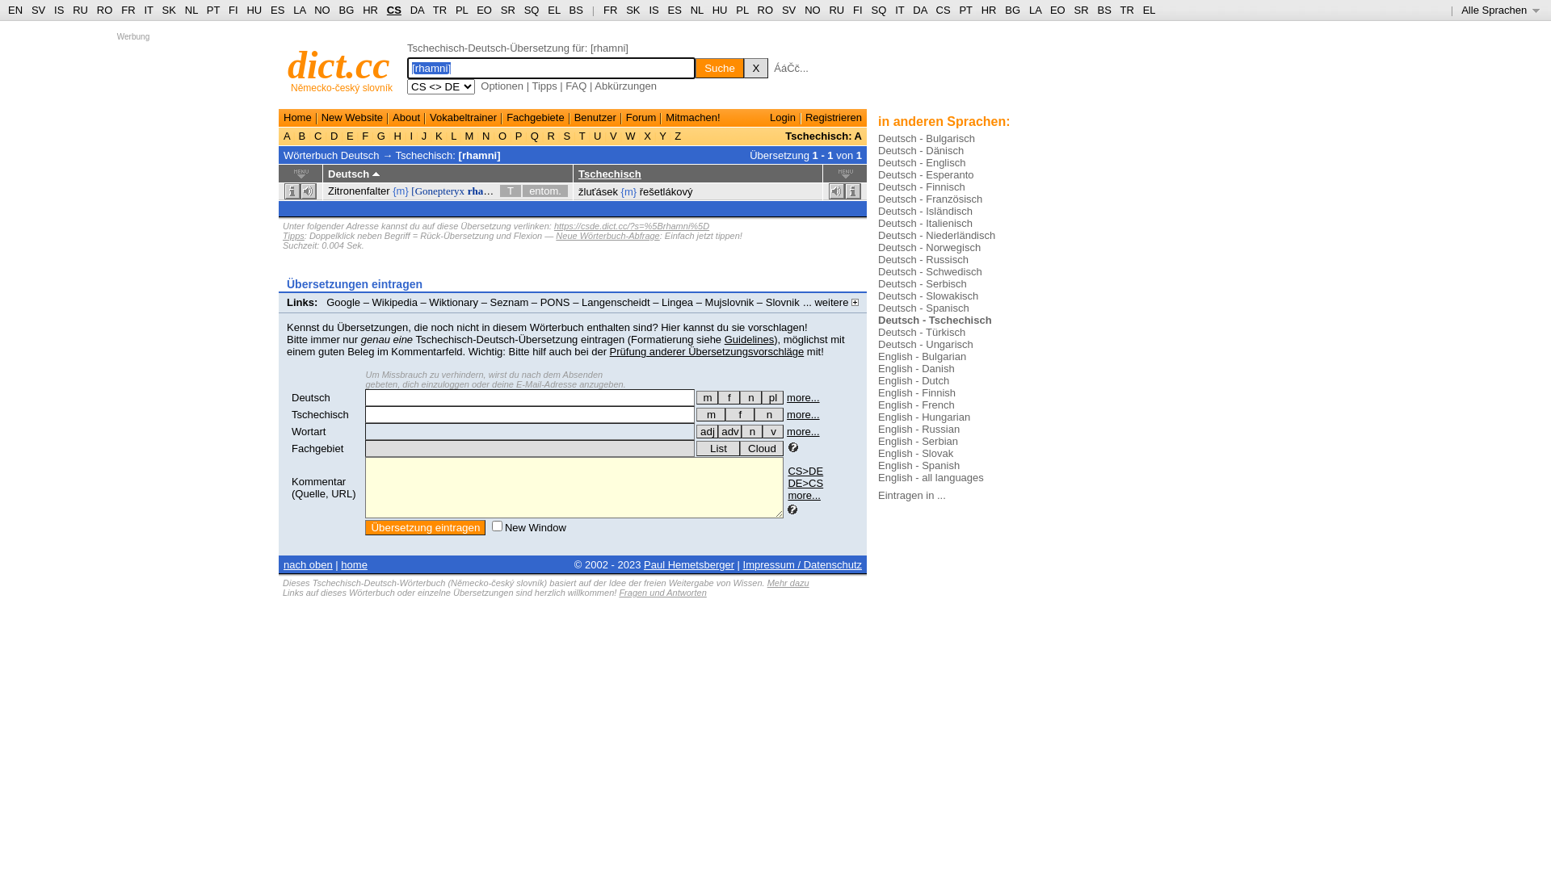  I want to click on 'Zitronenfalter', so click(358, 190).